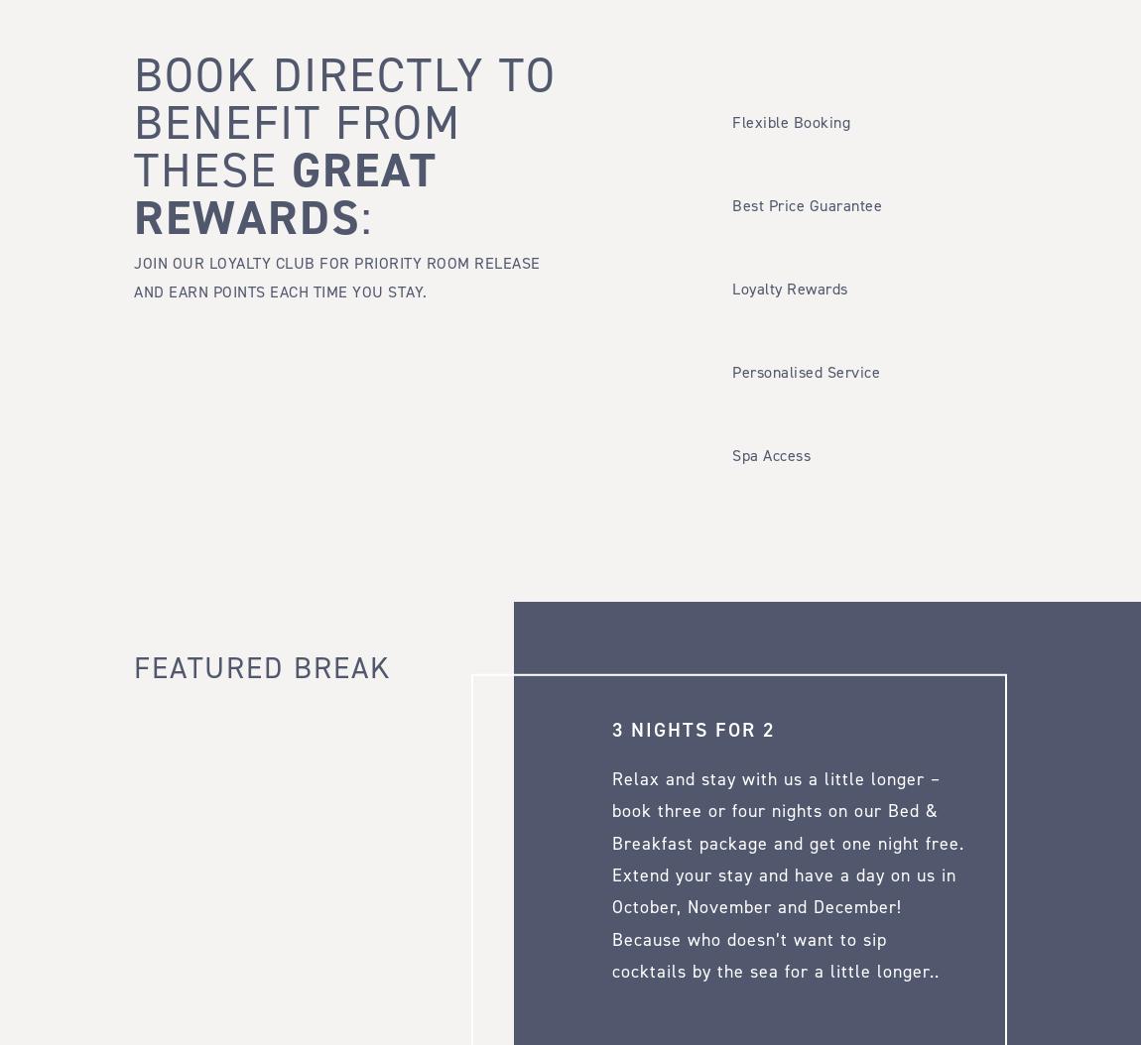  I want to click on '3 nights for 2', so click(610, 727).